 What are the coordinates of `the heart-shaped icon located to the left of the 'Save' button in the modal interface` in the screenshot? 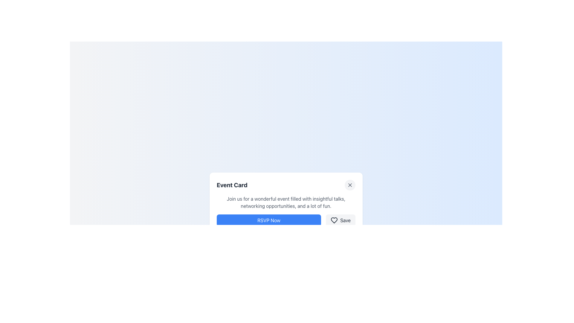 It's located at (334, 220).